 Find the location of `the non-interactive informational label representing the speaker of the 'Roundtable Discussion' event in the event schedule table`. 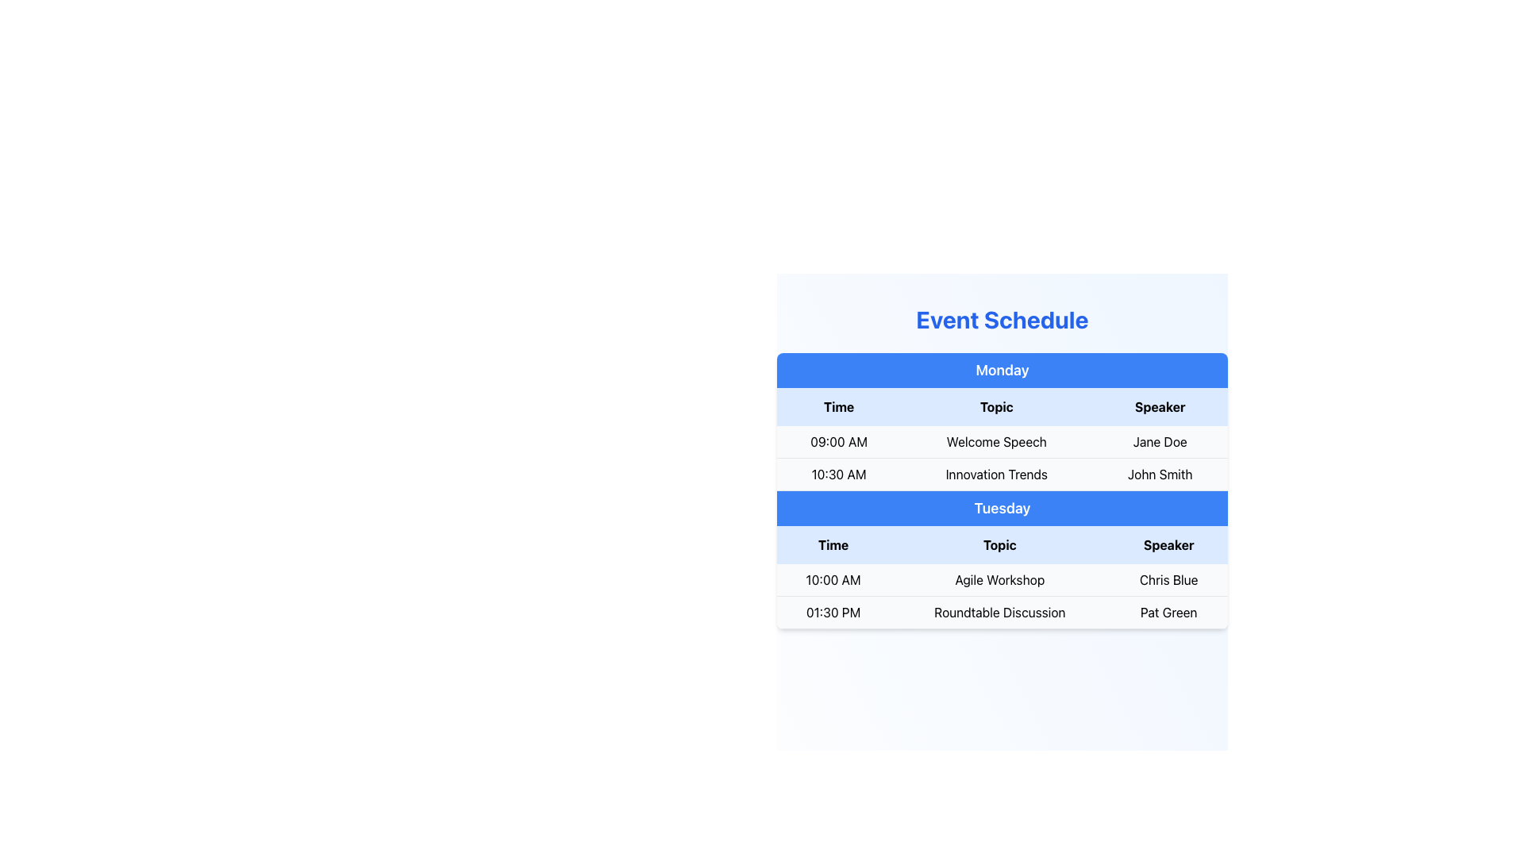

the non-interactive informational label representing the speaker of the 'Roundtable Discussion' event in the event schedule table is located at coordinates (1168, 611).